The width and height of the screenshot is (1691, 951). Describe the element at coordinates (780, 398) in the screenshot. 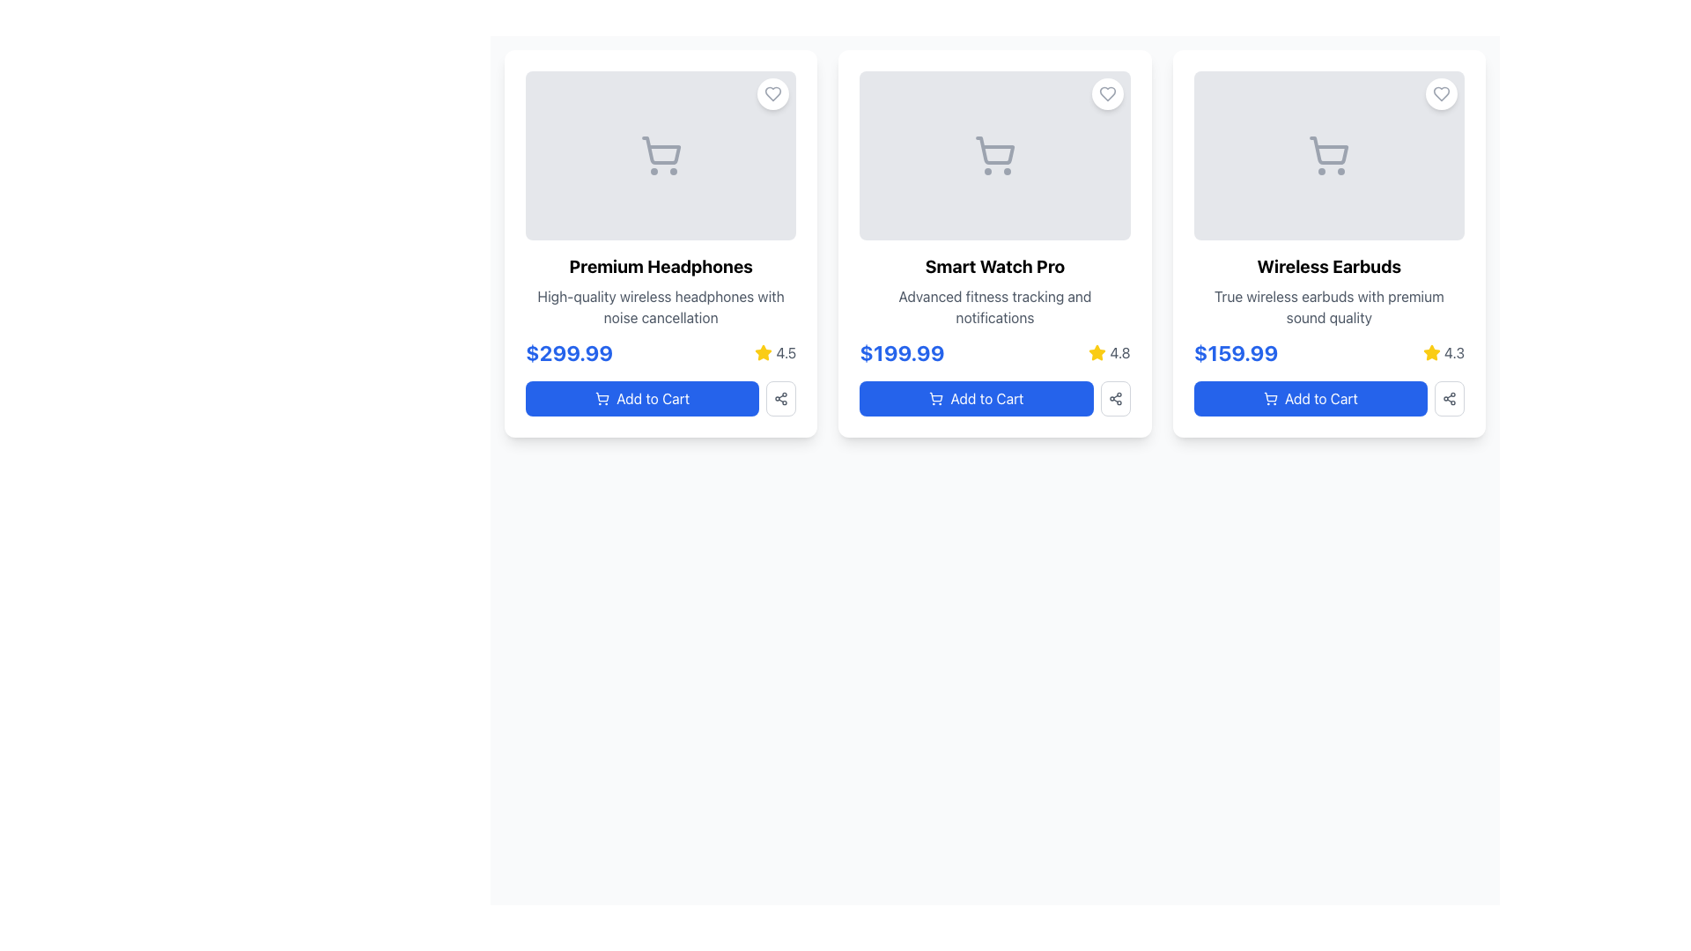

I see `the share button with a stylized graphical representation of three interconnected nodes, located immediately to the right of the 'Add to Cart' button in the product card for 'Premium Headphones'` at that location.